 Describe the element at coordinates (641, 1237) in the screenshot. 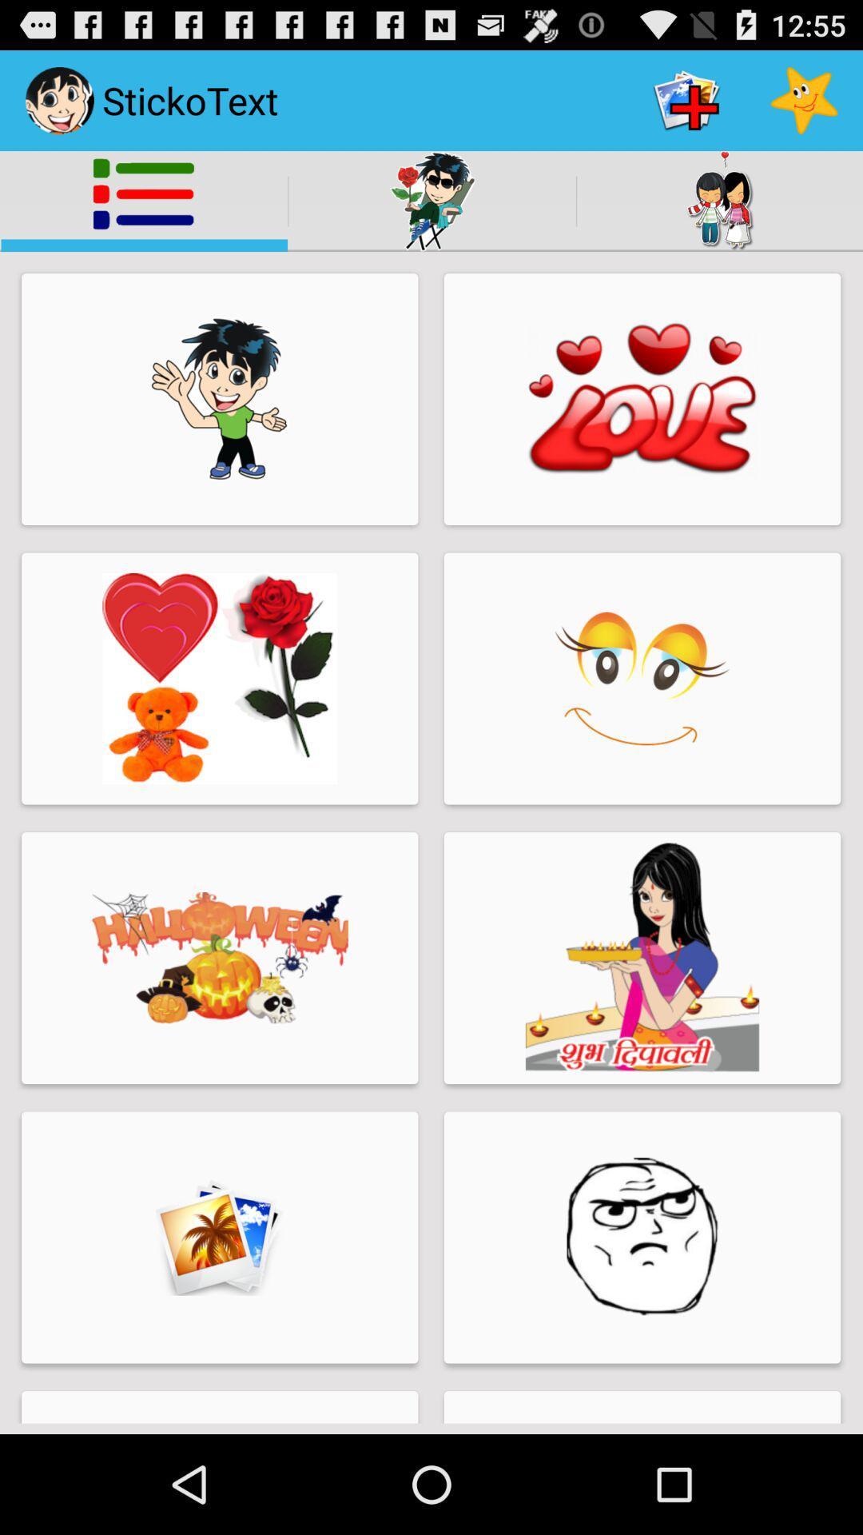

I see `the last image which is on the right` at that location.